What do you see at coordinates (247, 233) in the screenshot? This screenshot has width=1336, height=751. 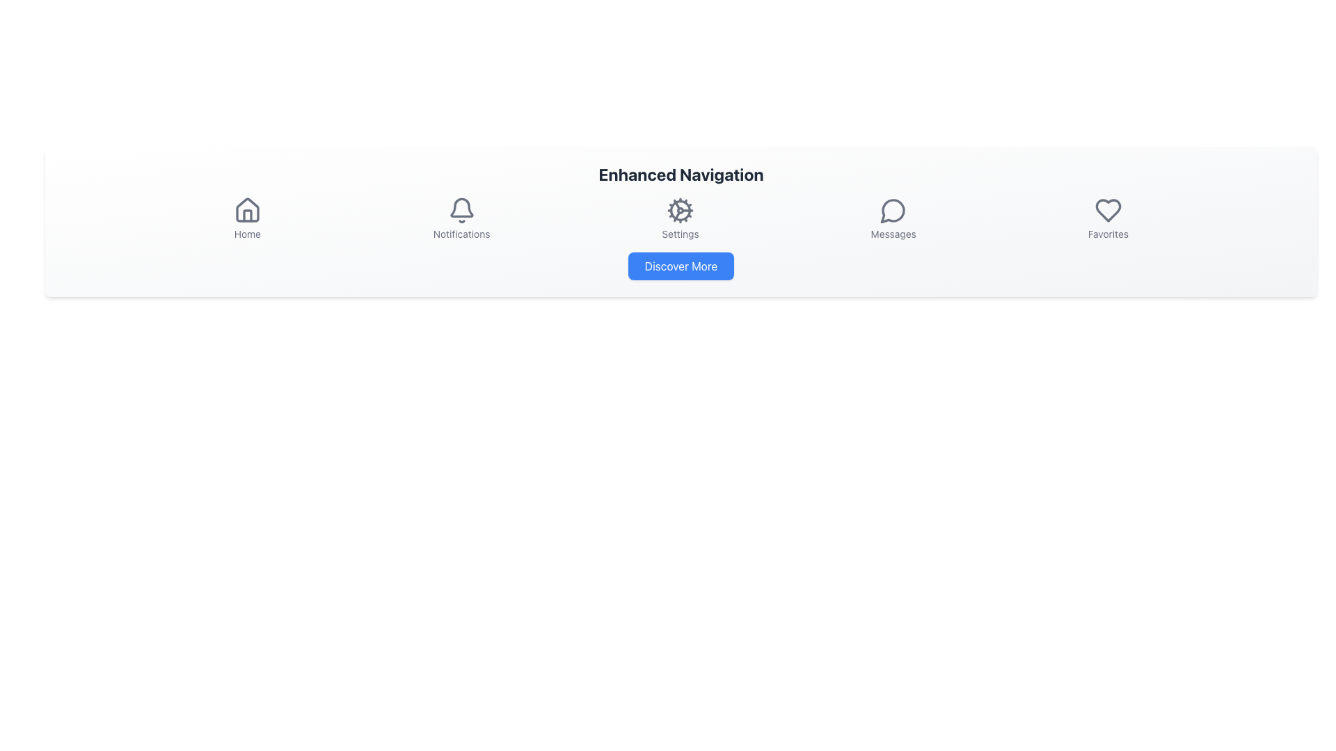 I see `the 'Home' text label, which is displayed in a small gray font below a house icon in the navigation menu` at bounding box center [247, 233].